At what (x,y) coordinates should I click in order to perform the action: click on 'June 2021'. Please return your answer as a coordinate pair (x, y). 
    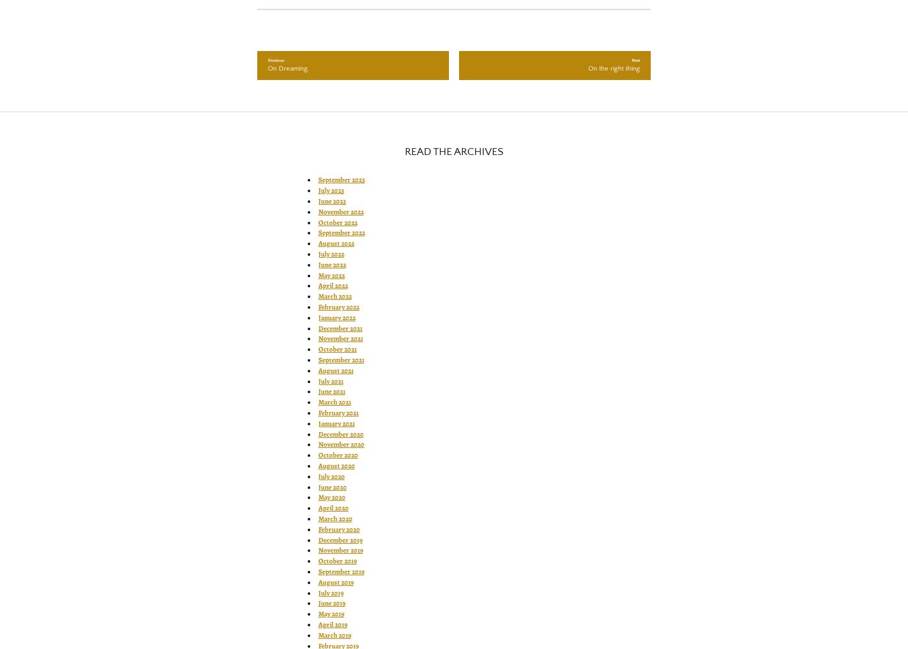
    Looking at the image, I should click on (330, 391).